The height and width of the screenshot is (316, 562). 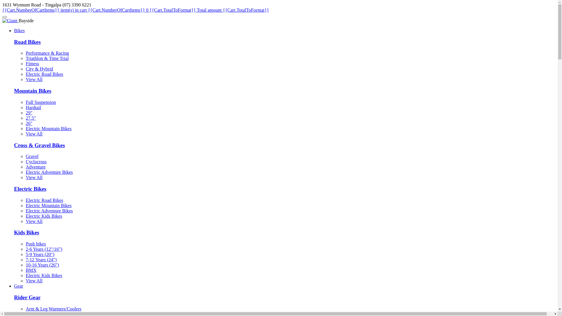 What do you see at coordinates (25, 254) in the screenshot?
I see `'5-9 Years (20")'` at bounding box center [25, 254].